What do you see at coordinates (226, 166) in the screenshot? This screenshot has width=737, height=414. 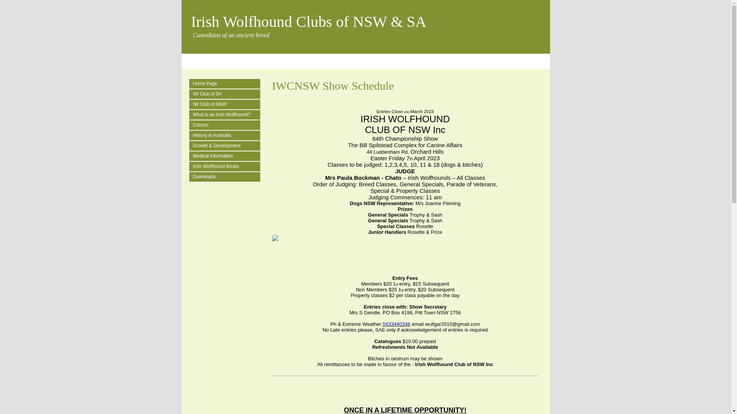 I see `'Irish Wolfhound Books'` at bounding box center [226, 166].